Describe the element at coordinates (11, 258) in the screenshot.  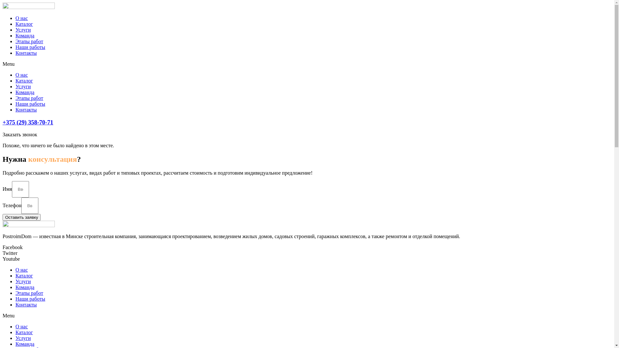
I see `'Youtube'` at that location.